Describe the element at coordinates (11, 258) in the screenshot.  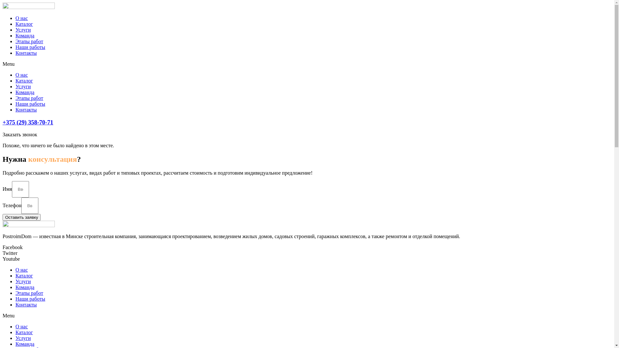
I see `'Youtube'` at that location.